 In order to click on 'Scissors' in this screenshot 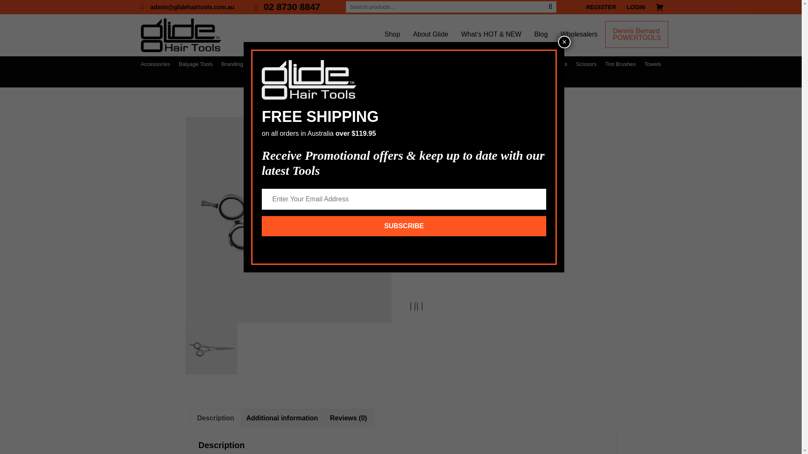, I will do `click(586, 63)`.